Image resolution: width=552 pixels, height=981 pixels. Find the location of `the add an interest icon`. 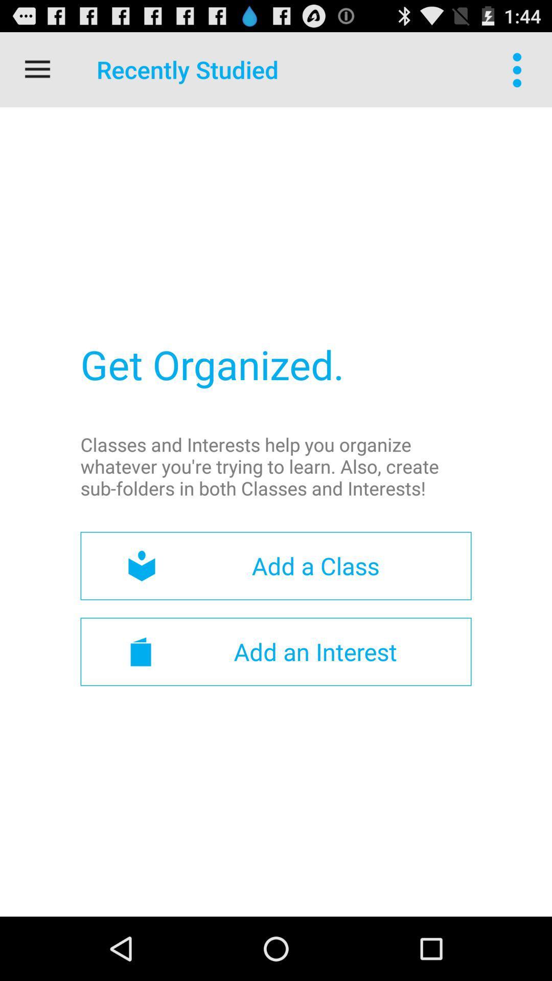

the add an interest icon is located at coordinates (276, 651).